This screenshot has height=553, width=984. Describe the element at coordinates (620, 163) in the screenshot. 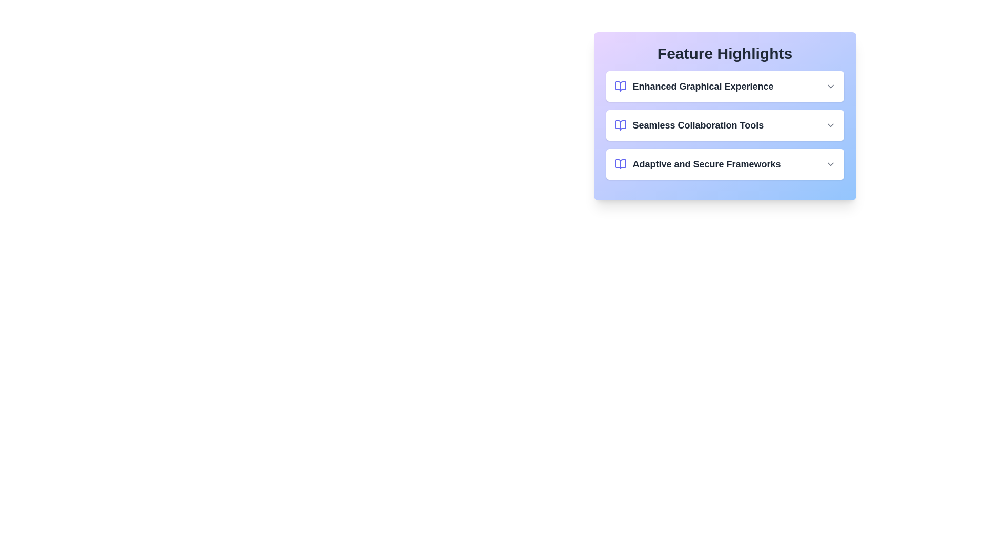

I see `the decorative icon representing 'Adaptive and Secure Frameworks' in the list under 'Feature Highlights'` at that location.